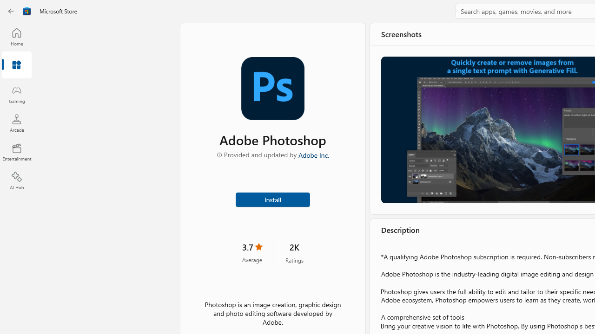 The width and height of the screenshot is (595, 334). Describe the element at coordinates (16, 181) in the screenshot. I see `'AI Hub'` at that location.